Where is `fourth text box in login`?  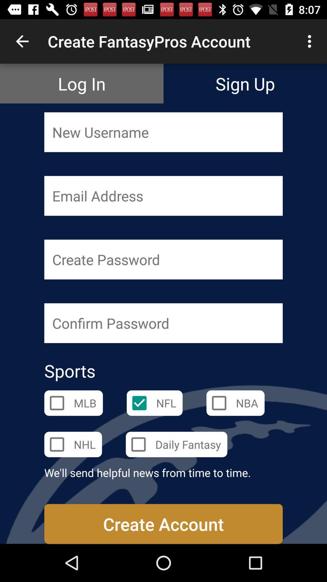
fourth text box in login is located at coordinates (163, 323).